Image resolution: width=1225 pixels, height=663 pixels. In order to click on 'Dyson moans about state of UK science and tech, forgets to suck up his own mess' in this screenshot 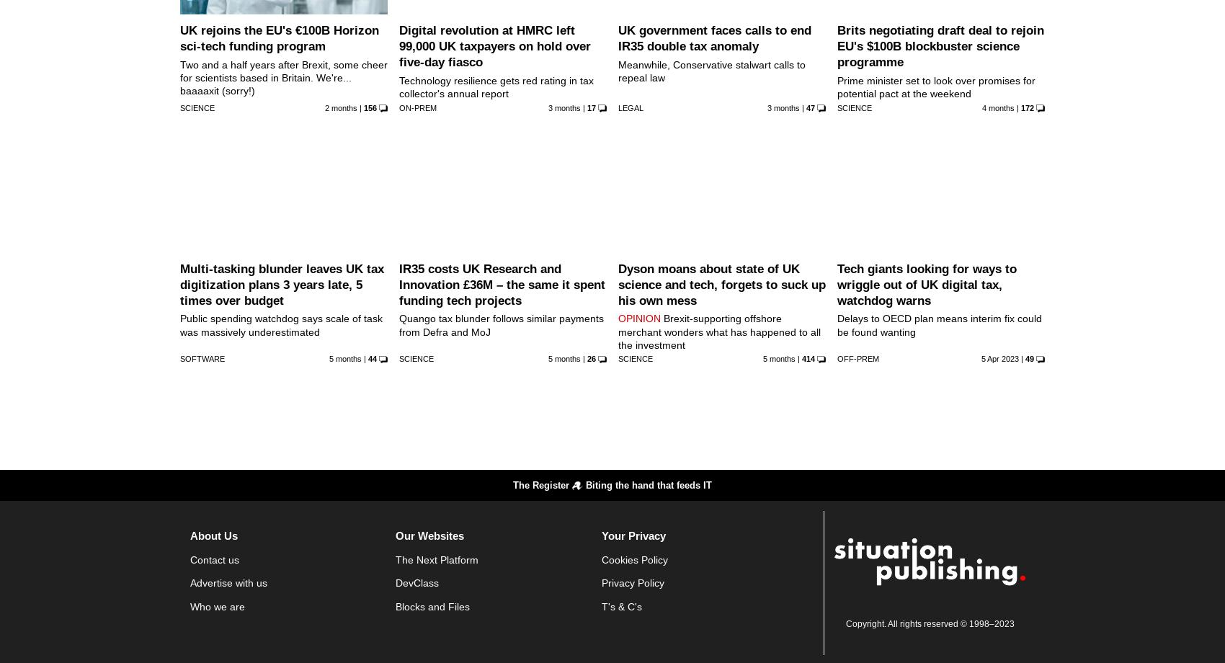, I will do `click(618, 283)`.